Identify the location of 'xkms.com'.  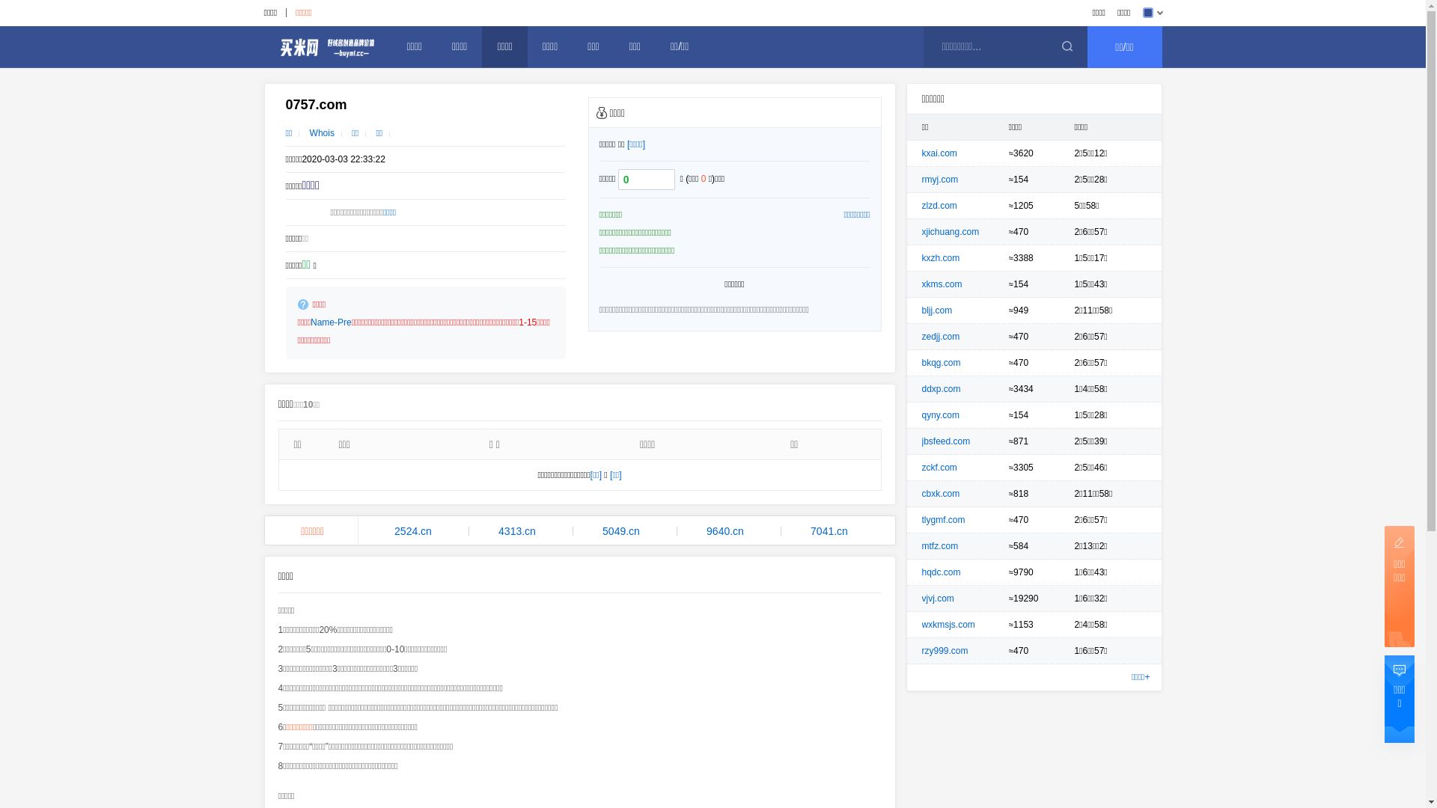
(941, 284).